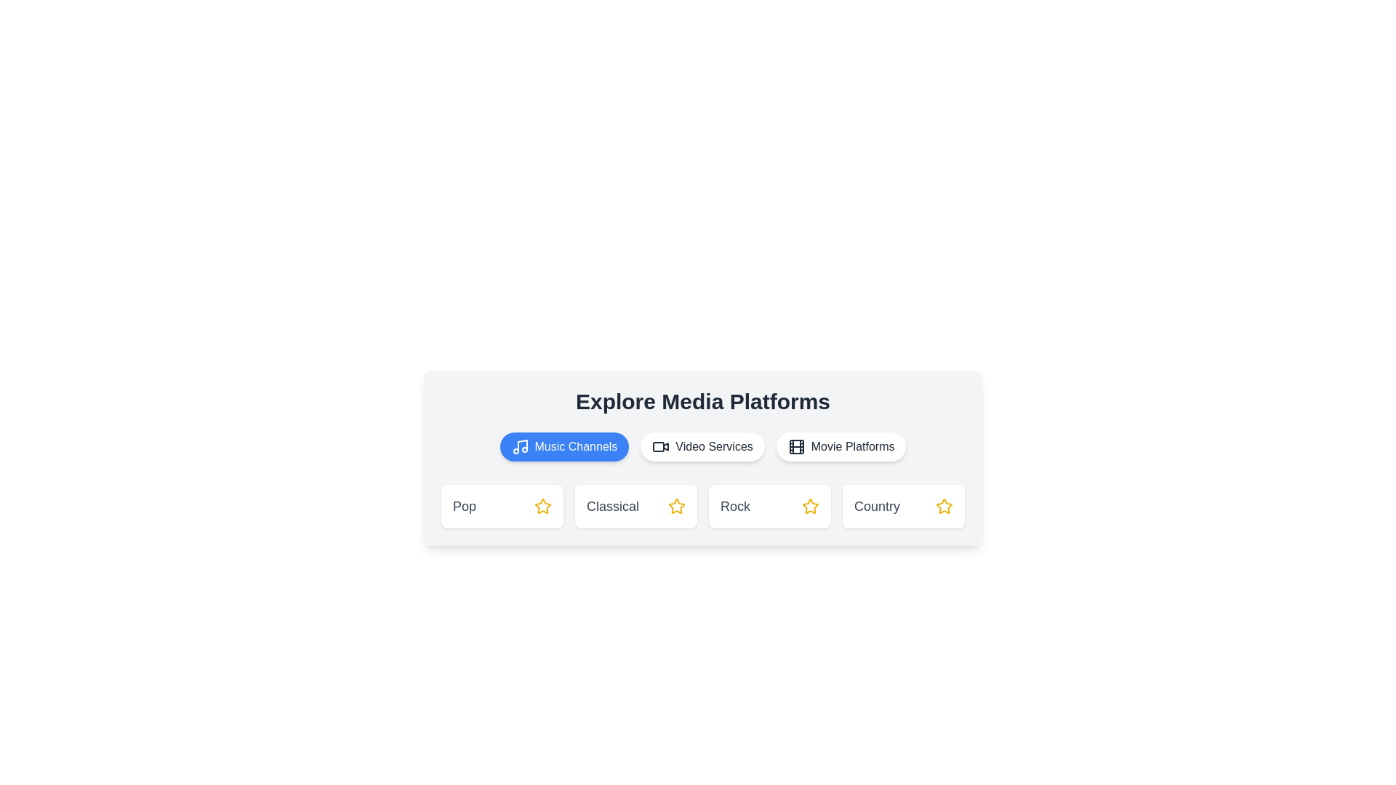  What do you see at coordinates (809, 506) in the screenshot?
I see `the star icon next to the 'Rock' label to indicate preference or rating functionality` at bounding box center [809, 506].